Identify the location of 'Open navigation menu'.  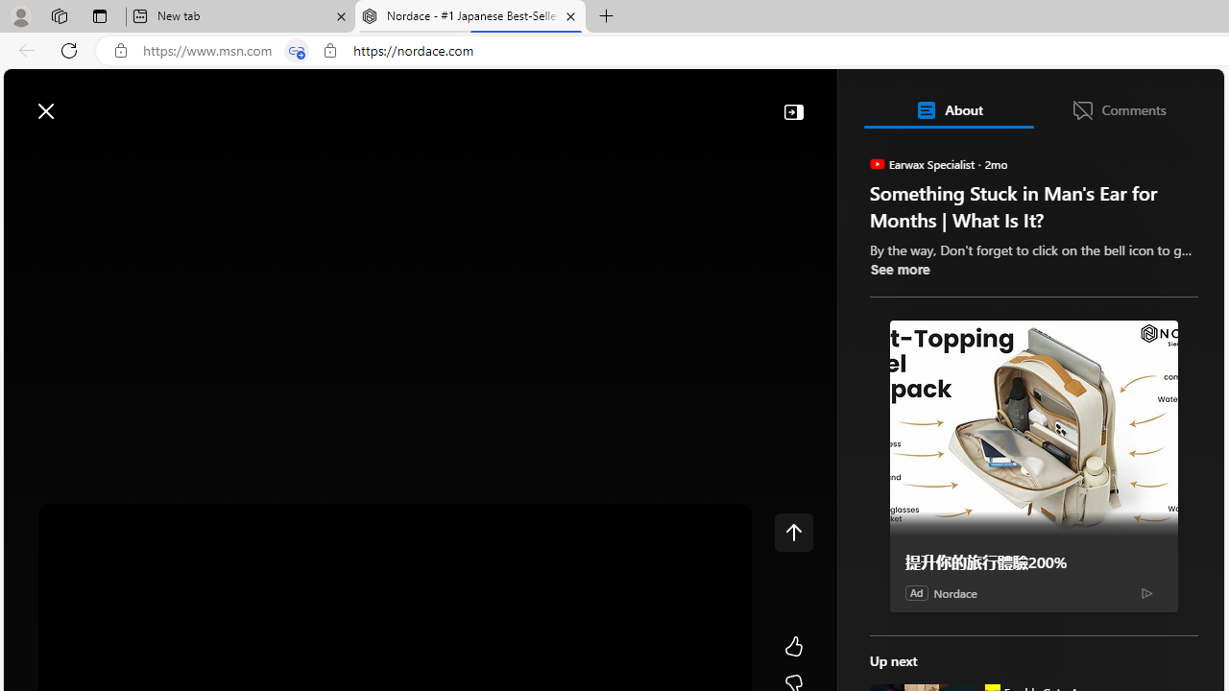
(28, 155).